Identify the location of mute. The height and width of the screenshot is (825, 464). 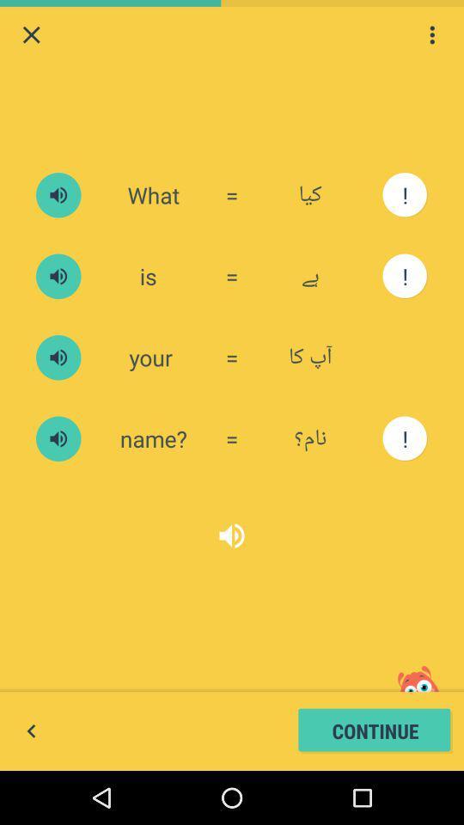
(58, 437).